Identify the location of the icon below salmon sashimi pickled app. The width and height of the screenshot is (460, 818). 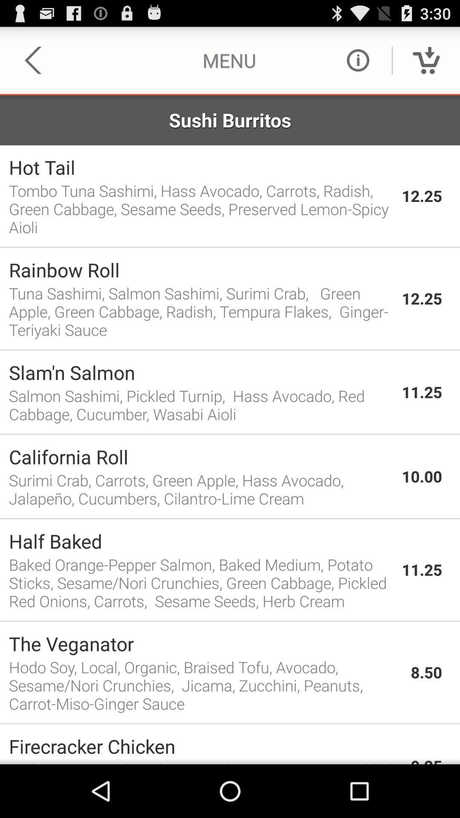
(230, 434).